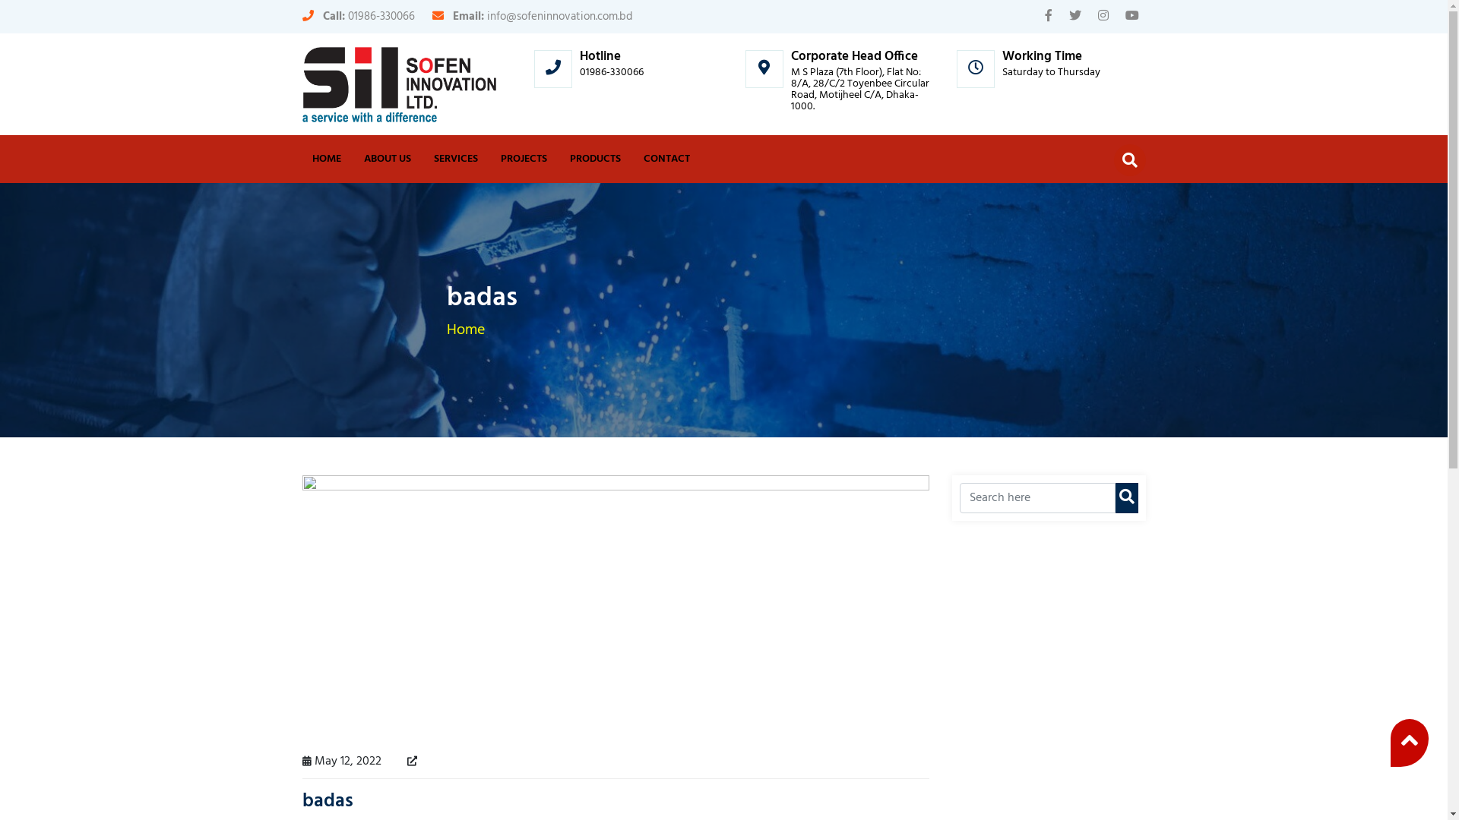 This screenshot has width=1459, height=820. I want to click on 'HOME', so click(326, 159).